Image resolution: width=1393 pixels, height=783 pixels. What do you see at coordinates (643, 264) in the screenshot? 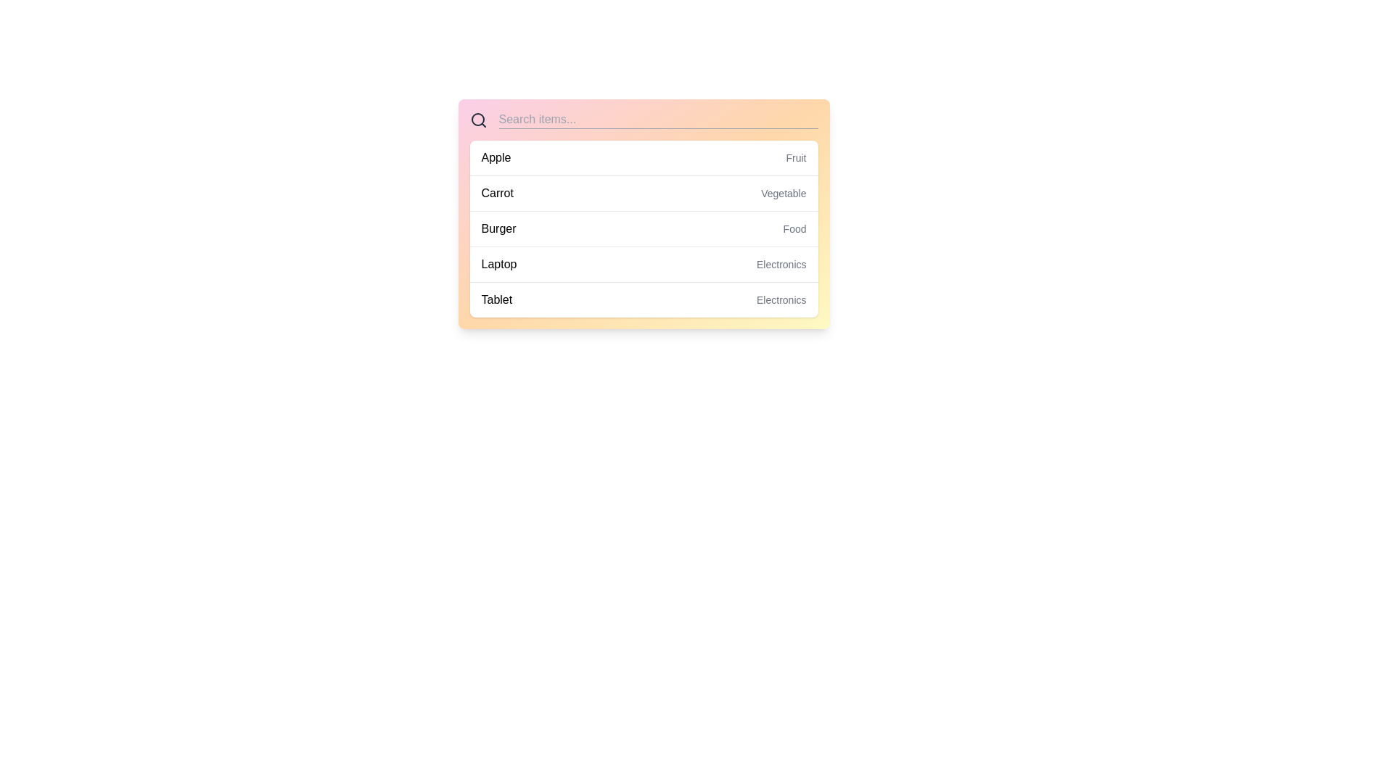
I see `the List item displaying 'Laptop' and 'Electronics'` at bounding box center [643, 264].